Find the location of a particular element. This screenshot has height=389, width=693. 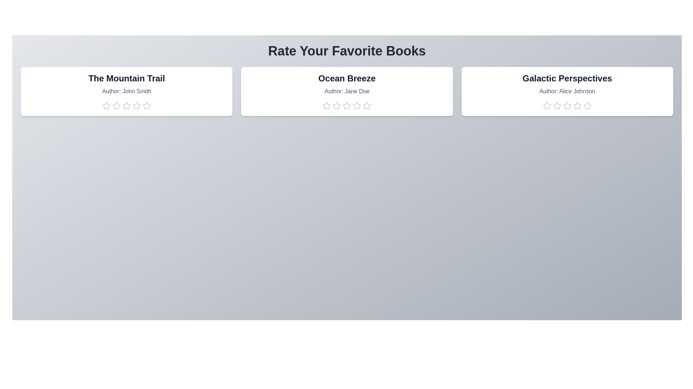

the star corresponding to 4 to preview the rating is located at coordinates (137, 106).